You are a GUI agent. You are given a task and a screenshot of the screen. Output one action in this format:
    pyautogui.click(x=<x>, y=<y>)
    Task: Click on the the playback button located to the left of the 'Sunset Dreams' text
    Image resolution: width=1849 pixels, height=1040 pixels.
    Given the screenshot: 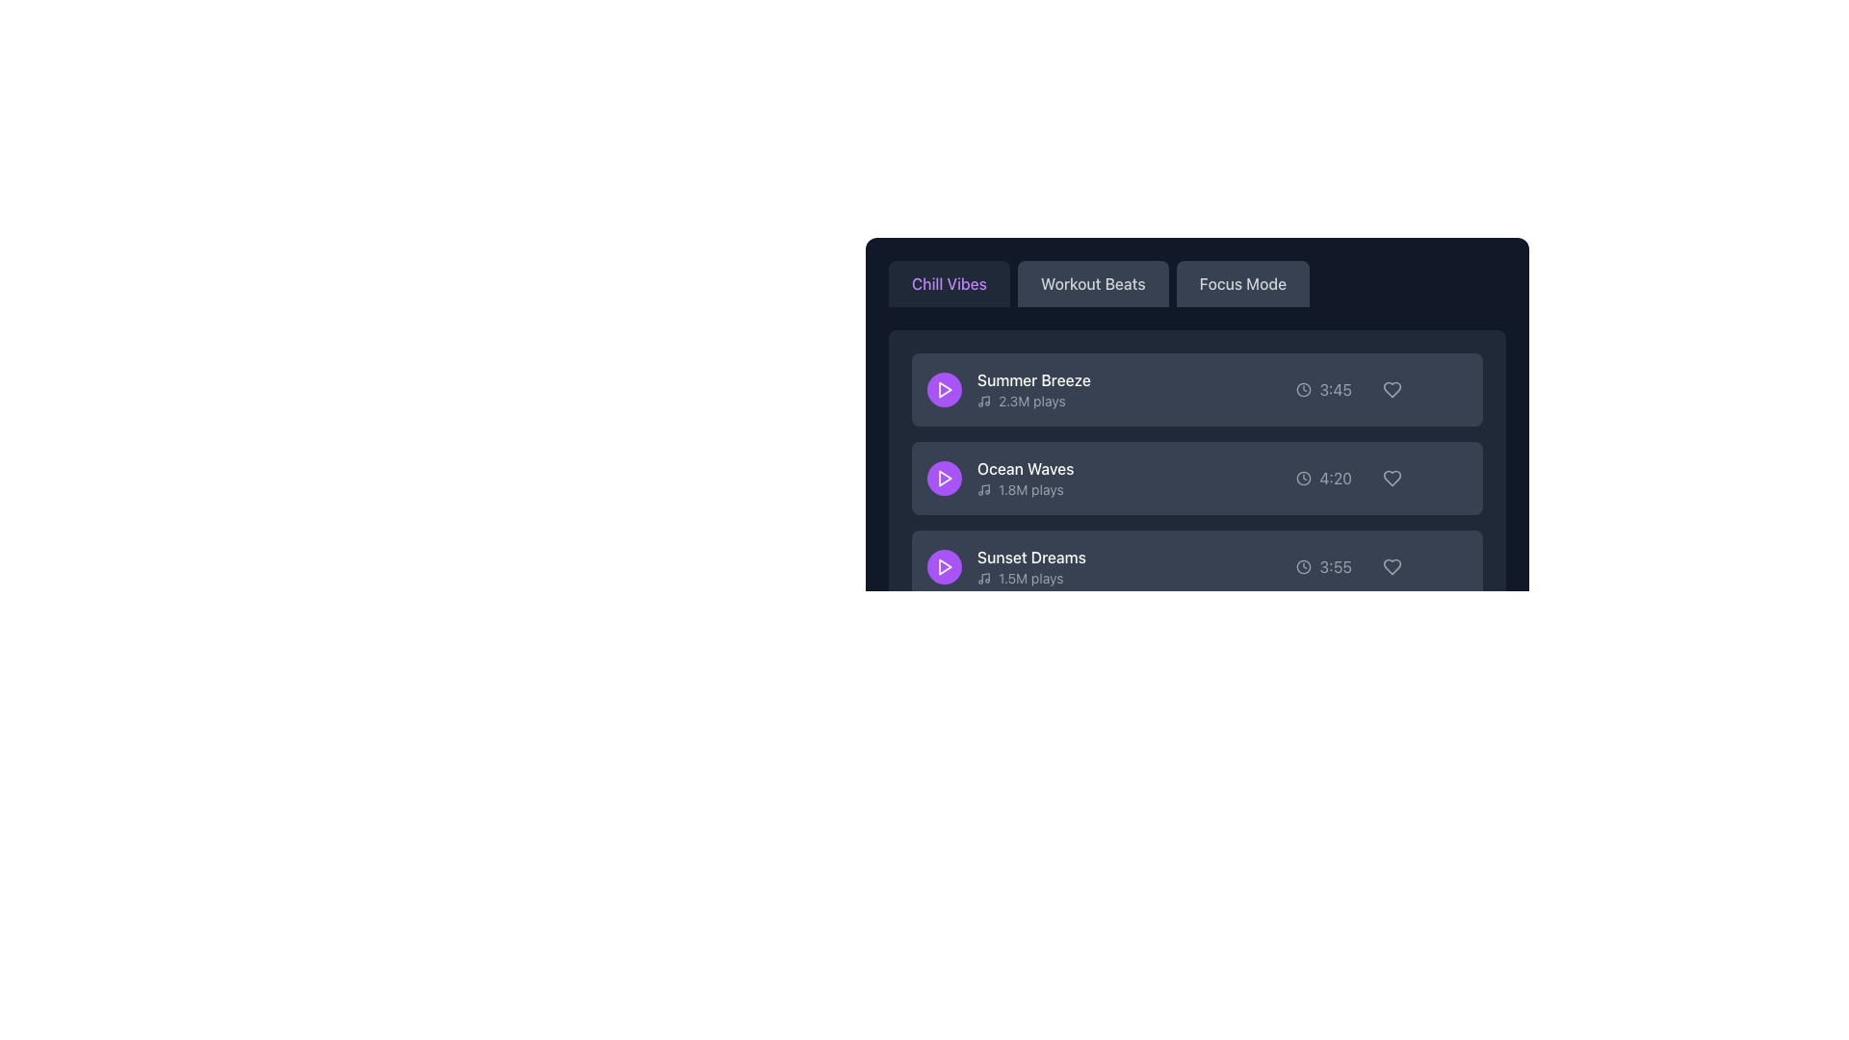 What is the action you would take?
    pyautogui.click(x=944, y=566)
    